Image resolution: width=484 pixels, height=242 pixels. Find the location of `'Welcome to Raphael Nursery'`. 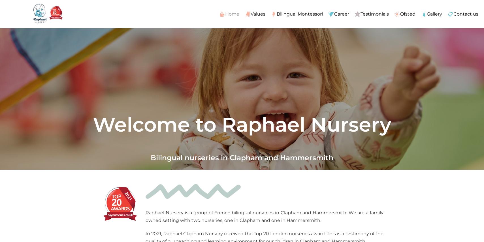

'Welcome to Raphael Nursery' is located at coordinates (242, 124).